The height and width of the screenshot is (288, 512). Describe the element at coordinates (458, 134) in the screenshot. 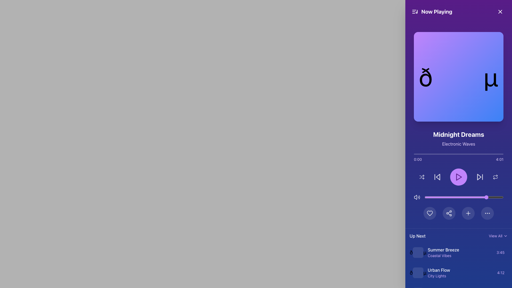

I see `the text label displaying 'Midnight Dreams' which has a bold, white, large font style, centered horizontally in a purple background interface` at that location.